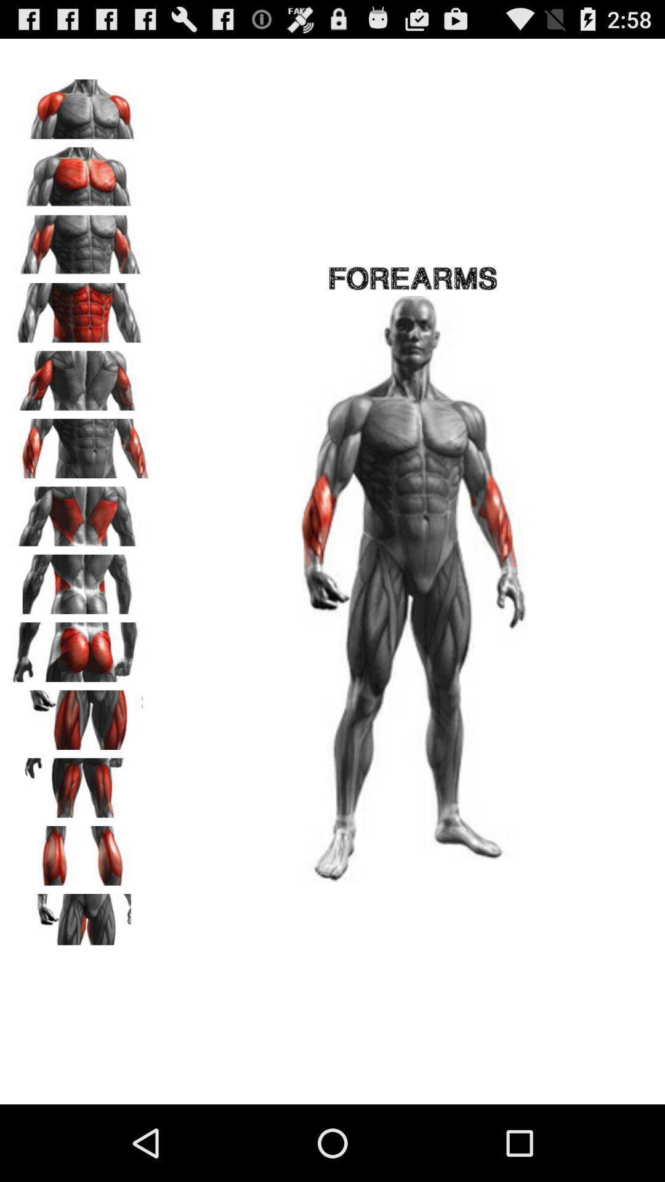 This screenshot has height=1182, width=665. What do you see at coordinates (81, 172) in the screenshot?
I see `pectoral muscles` at bounding box center [81, 172].